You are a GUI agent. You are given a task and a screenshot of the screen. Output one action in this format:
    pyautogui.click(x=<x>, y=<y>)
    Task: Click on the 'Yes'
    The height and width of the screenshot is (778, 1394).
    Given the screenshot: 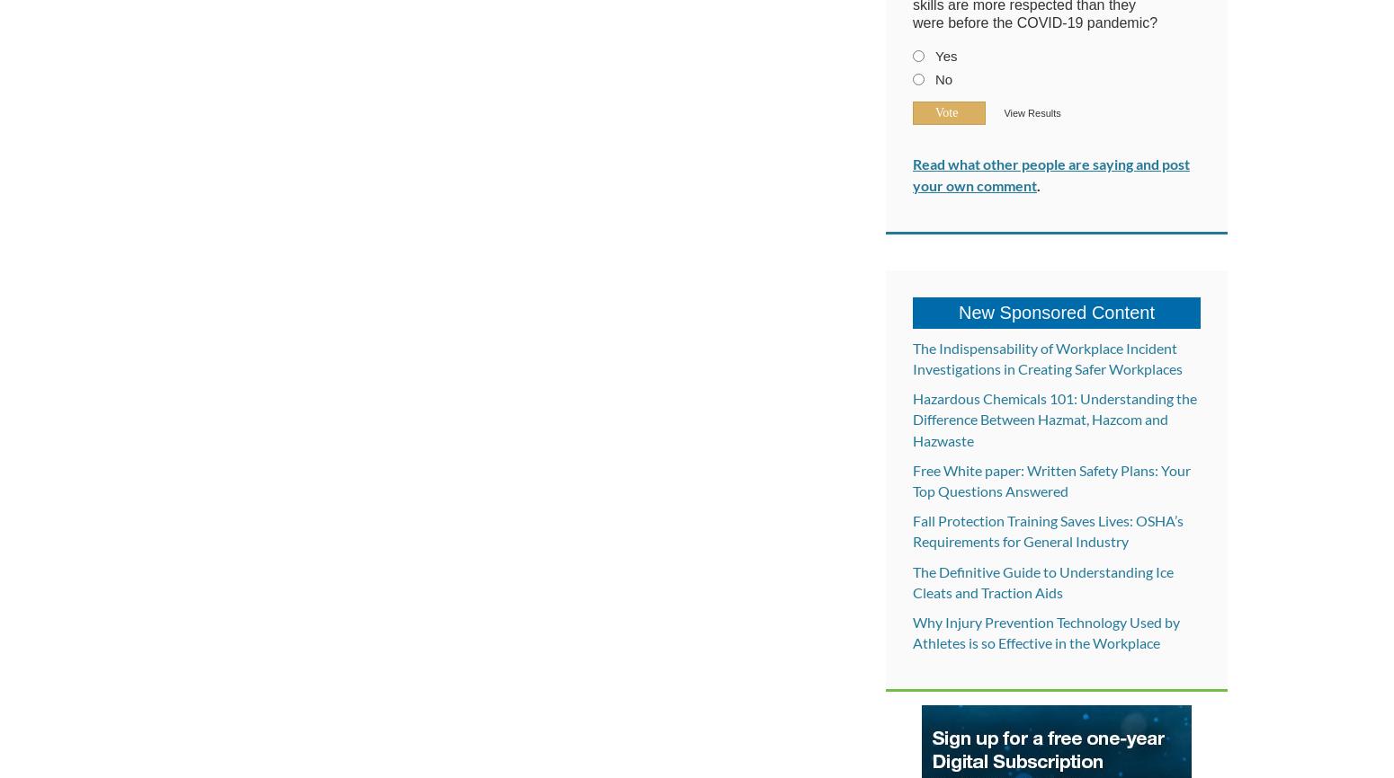 What is the action you would take?
    pyautogui.click(x=945, y=56)
    